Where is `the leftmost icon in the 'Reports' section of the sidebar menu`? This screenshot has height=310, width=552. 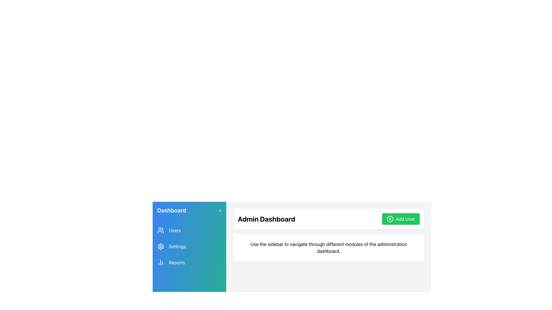 the leftmost icon in the 'Reports' section of the sidebar menu is located at coordinates (160, 262).